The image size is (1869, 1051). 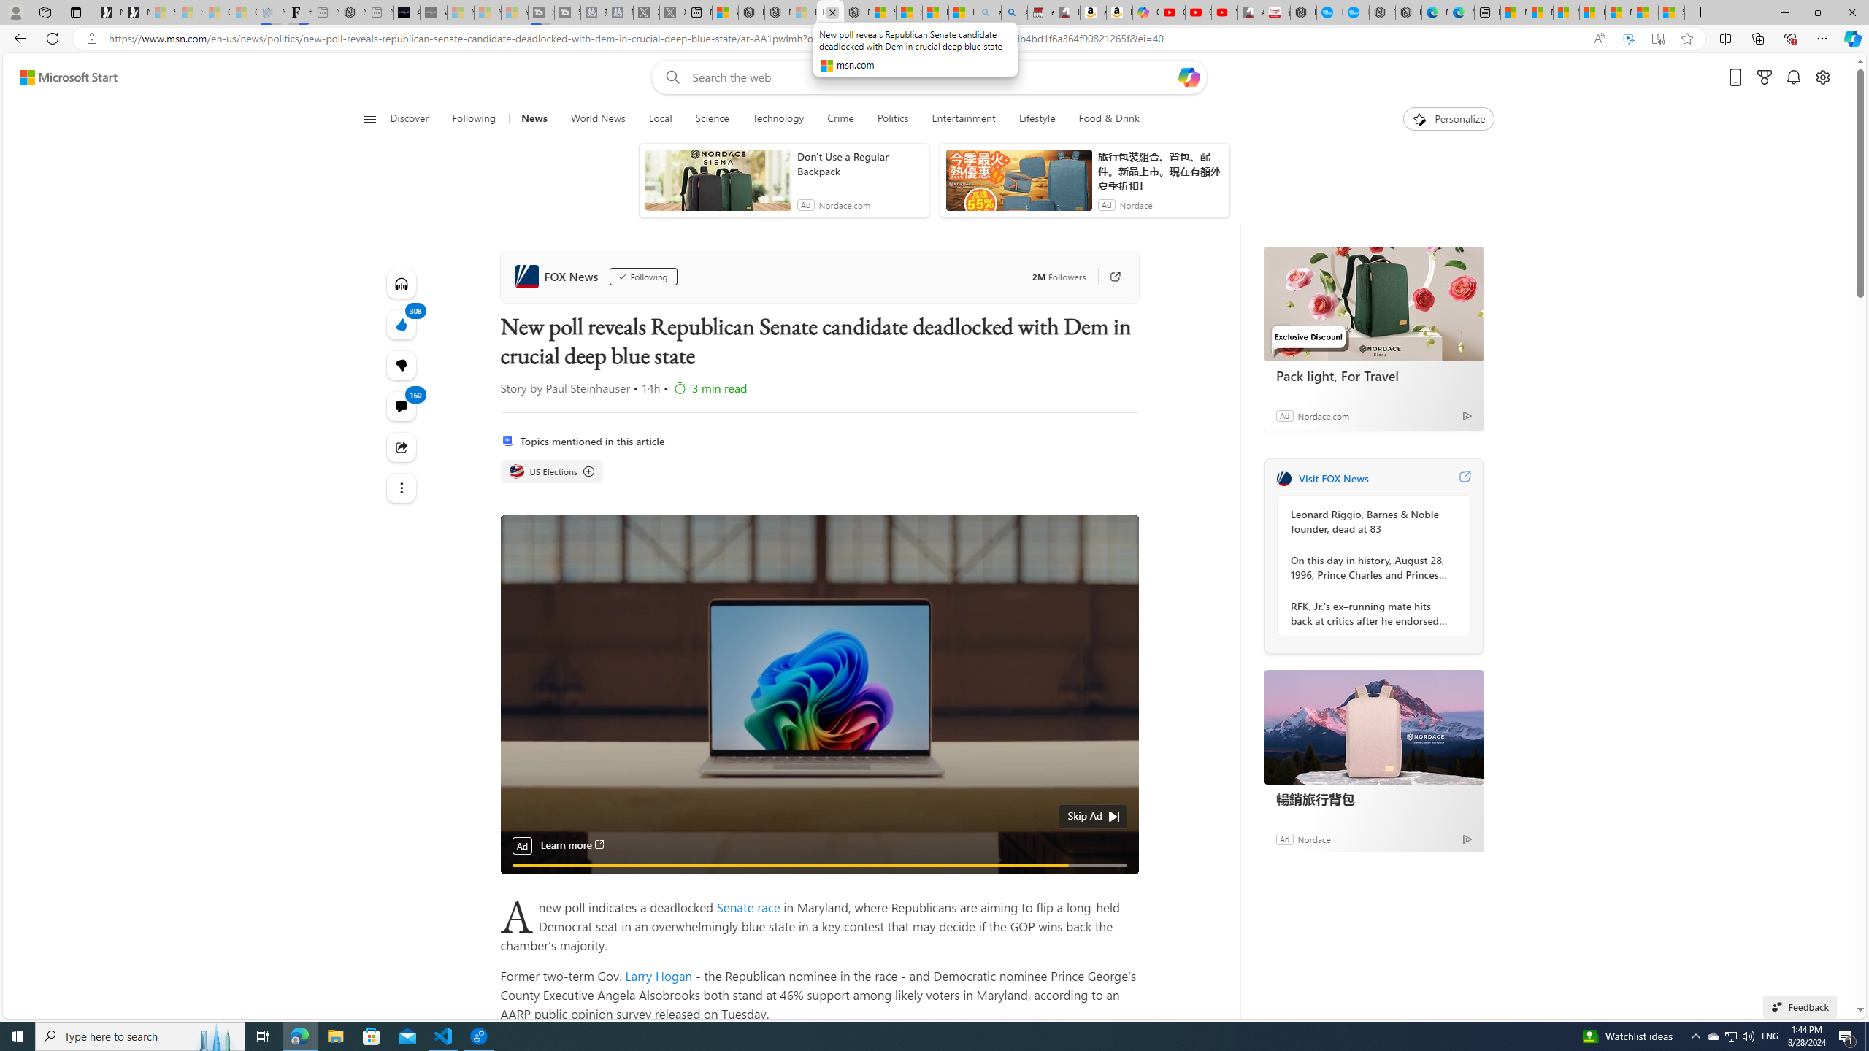 What do you see at coordinates (515, 471) in the screenshot?
I see `'US Elections'` at bounding box center [515, 471].